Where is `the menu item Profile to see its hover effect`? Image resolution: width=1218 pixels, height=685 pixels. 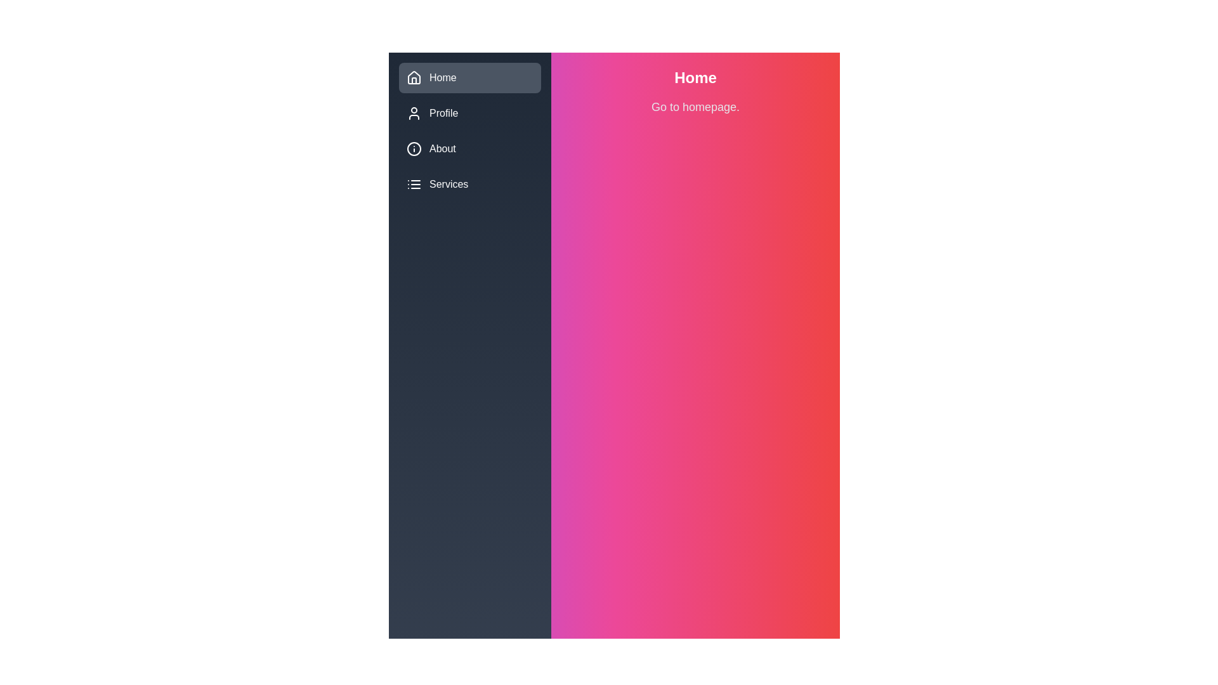
the menu item Profile to see its hover effect is located at coordinates (469, 112).